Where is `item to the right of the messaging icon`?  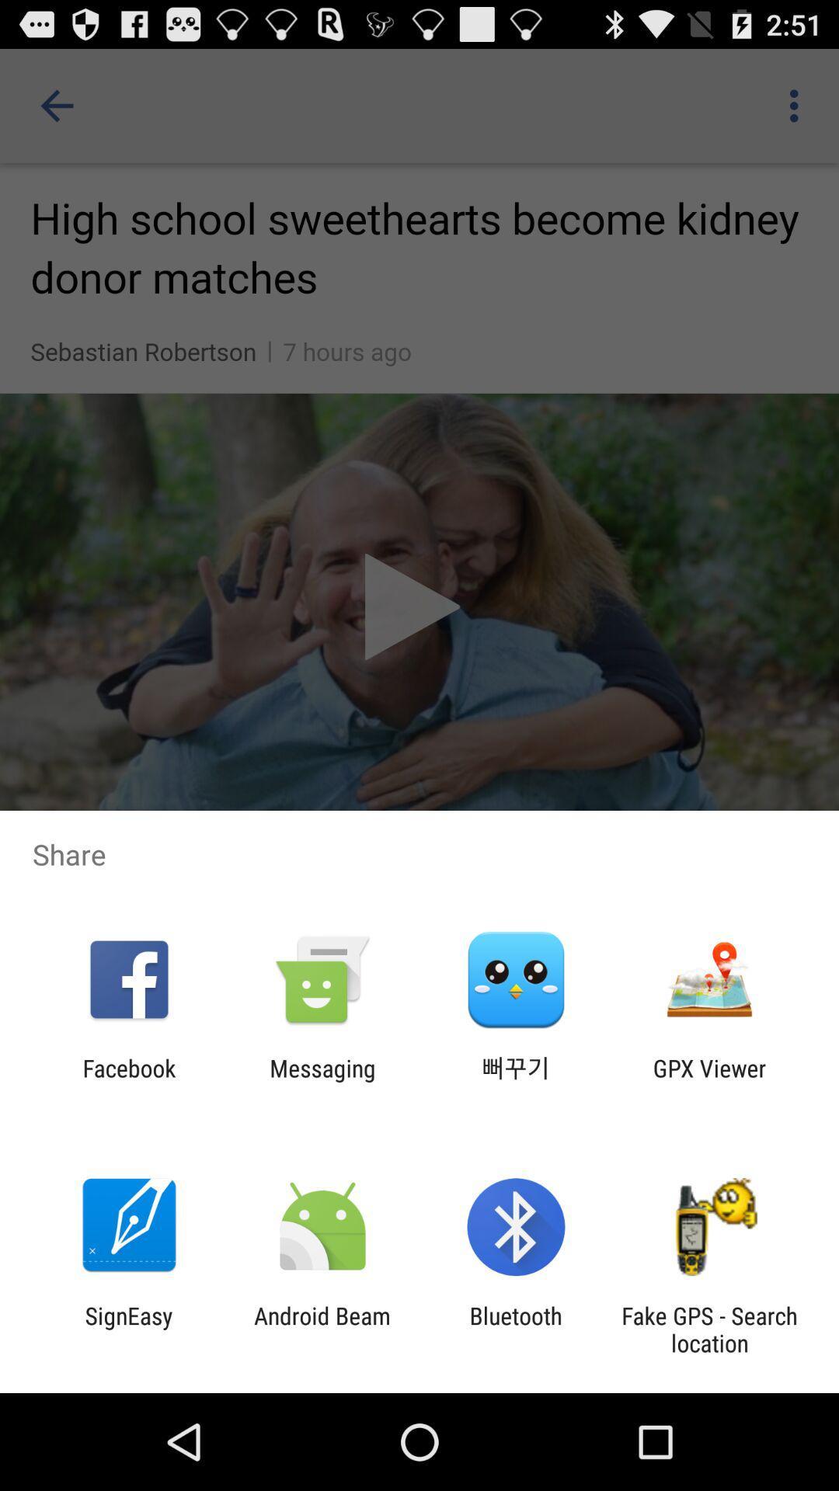 item to the right of the messaging icon is located at coordinates (516, 1081).